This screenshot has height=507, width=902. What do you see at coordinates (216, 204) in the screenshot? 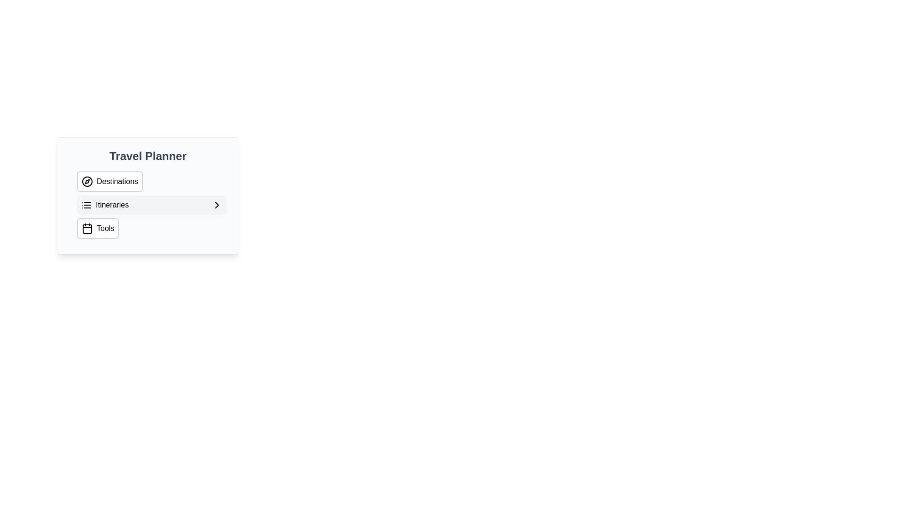
I see `the Chevron - Right icon located to the right of the 'Itineraries' text` at bounding box center [216, 204].